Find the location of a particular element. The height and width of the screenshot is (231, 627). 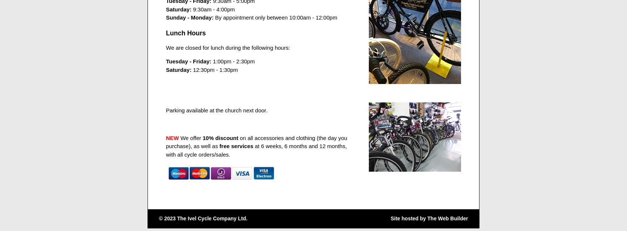

'12:30pm - 1:30pm' is located at coordinates (214, 69).